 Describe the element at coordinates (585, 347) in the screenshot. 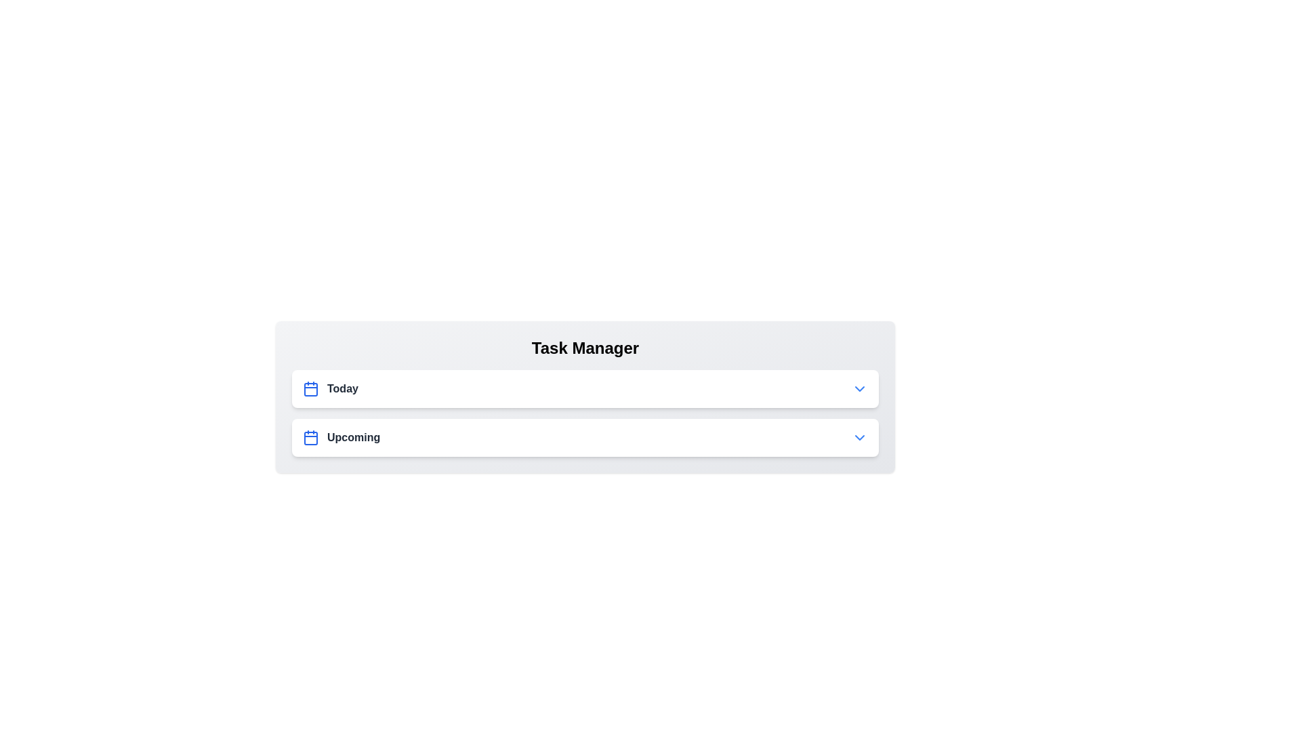

I see `the header of the Task Manager to select or focus it` at that location.